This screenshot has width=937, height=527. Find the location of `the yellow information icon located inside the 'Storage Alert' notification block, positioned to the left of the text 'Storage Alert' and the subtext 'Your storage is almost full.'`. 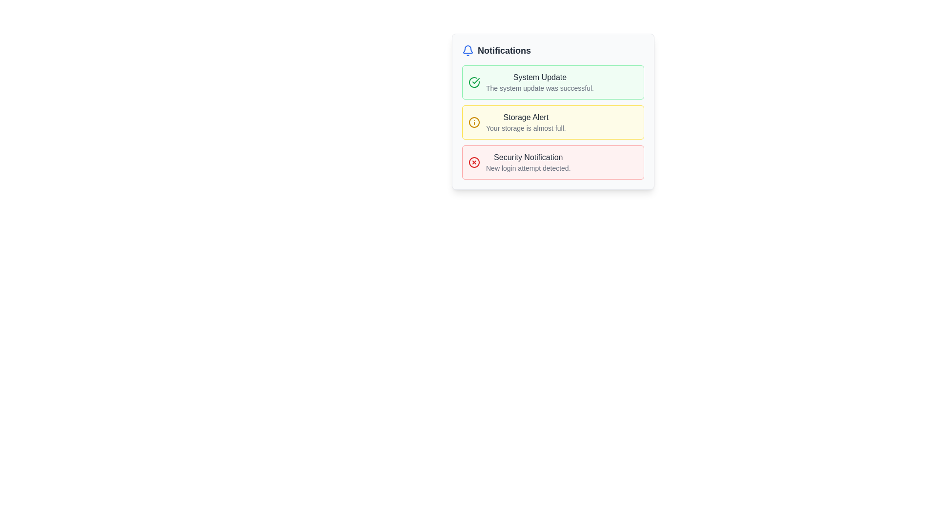

the yellow information icon located inside the 'Storage Alert' notification block, positioned to the left of the text 'Storage Alert' and the subtext 'Your storage is almost full.' is located at coordinates (474, 122).